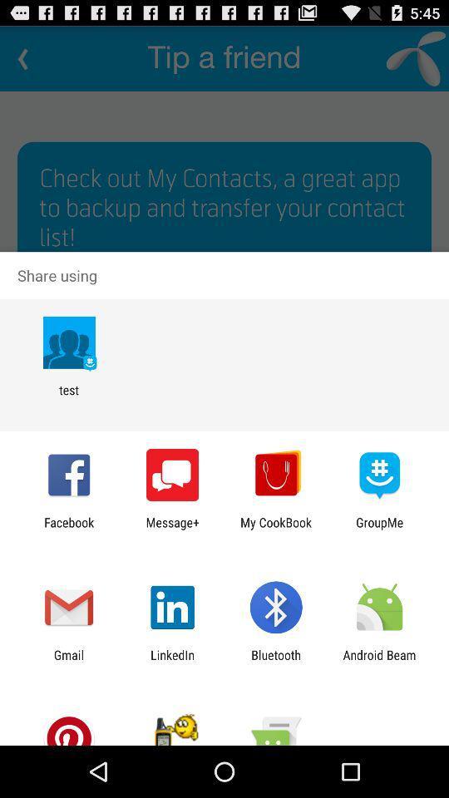 Image resolution: width=449 pixels, height=798 pixels. I want to click on item to the left of message+, so click(68, 529).